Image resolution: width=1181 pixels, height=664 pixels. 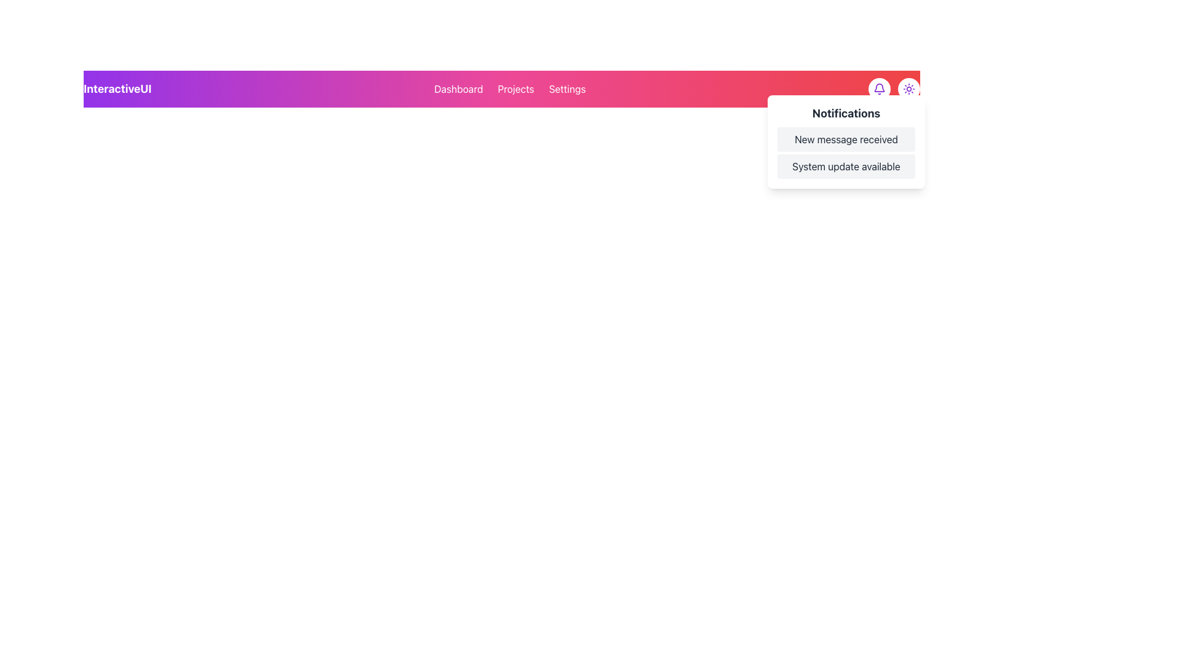 I want to click on the first notification item, so click(x=846, y=139).